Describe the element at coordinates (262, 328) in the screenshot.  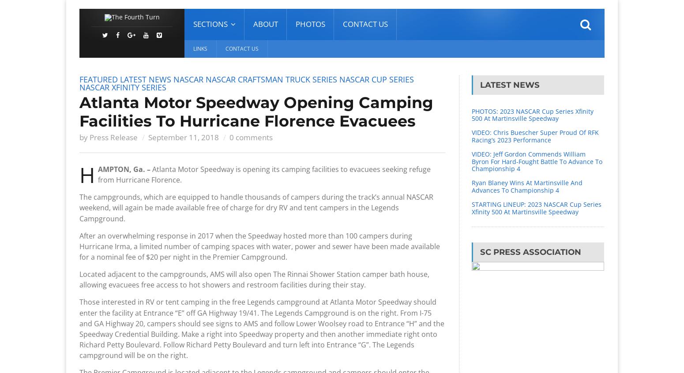
I see `'Those interested in RV or tent camping in the free Legends campground at Atlanta Motor Speedway should enter the facility at Entrance “E” off GA Highway 19/41. The Legends Campground is on the right. From I-75 and GA Highway 20, campers should see signs to AMS and follow Lower Woolsey road to Entrance “H” and the Speedway Credential Building. Make a right into Speedway property and then another immediate right onto Richard Petty Boulevard. Follow Richard Petty Boulevard and turn left into Entrance “G”. The Legends campground will be on the right.'` at that location.